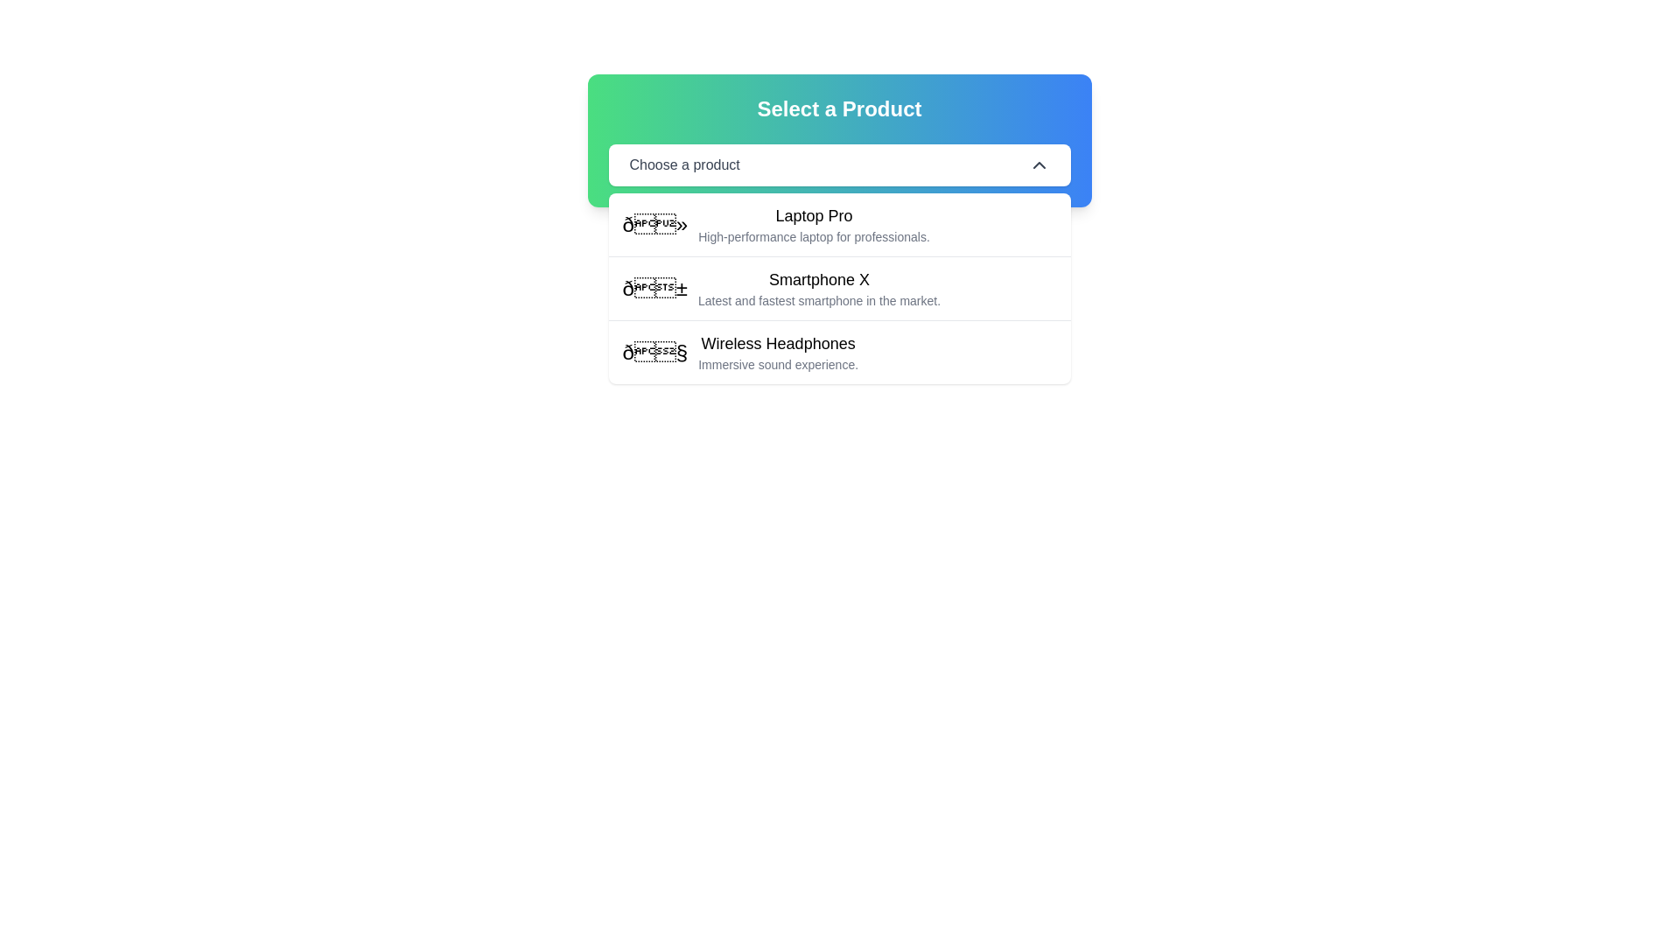 Image resolution: width=1680 pixels, height=945 pixels. Describe the element at coordinates (777, 344) in the screenshot. I see `the 'Wireless Headphones' text label element, which is the third selectable option in the dropdown menu under 'Choose a product'` at that location.